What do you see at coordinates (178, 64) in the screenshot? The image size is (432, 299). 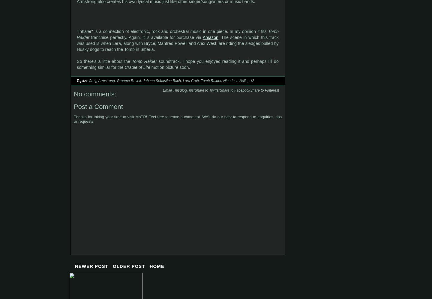 I see `'soundtrack. I hope you enjoyed reading it and perhaps I'll do something similar for the'` at bounding box center [178, 64].